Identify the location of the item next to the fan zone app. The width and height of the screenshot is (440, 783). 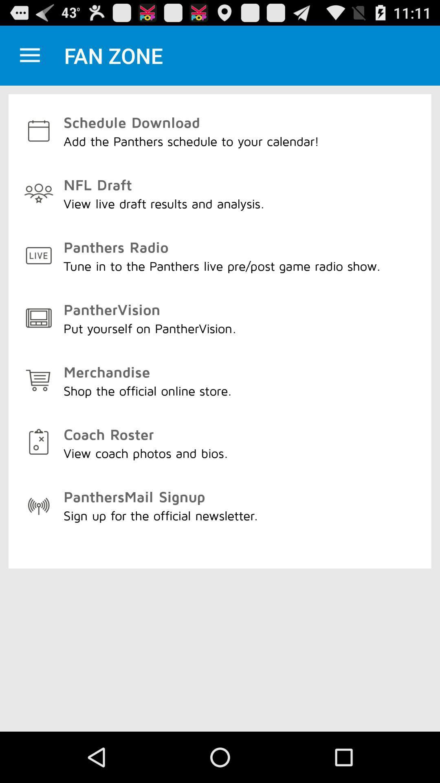
(29, 55).